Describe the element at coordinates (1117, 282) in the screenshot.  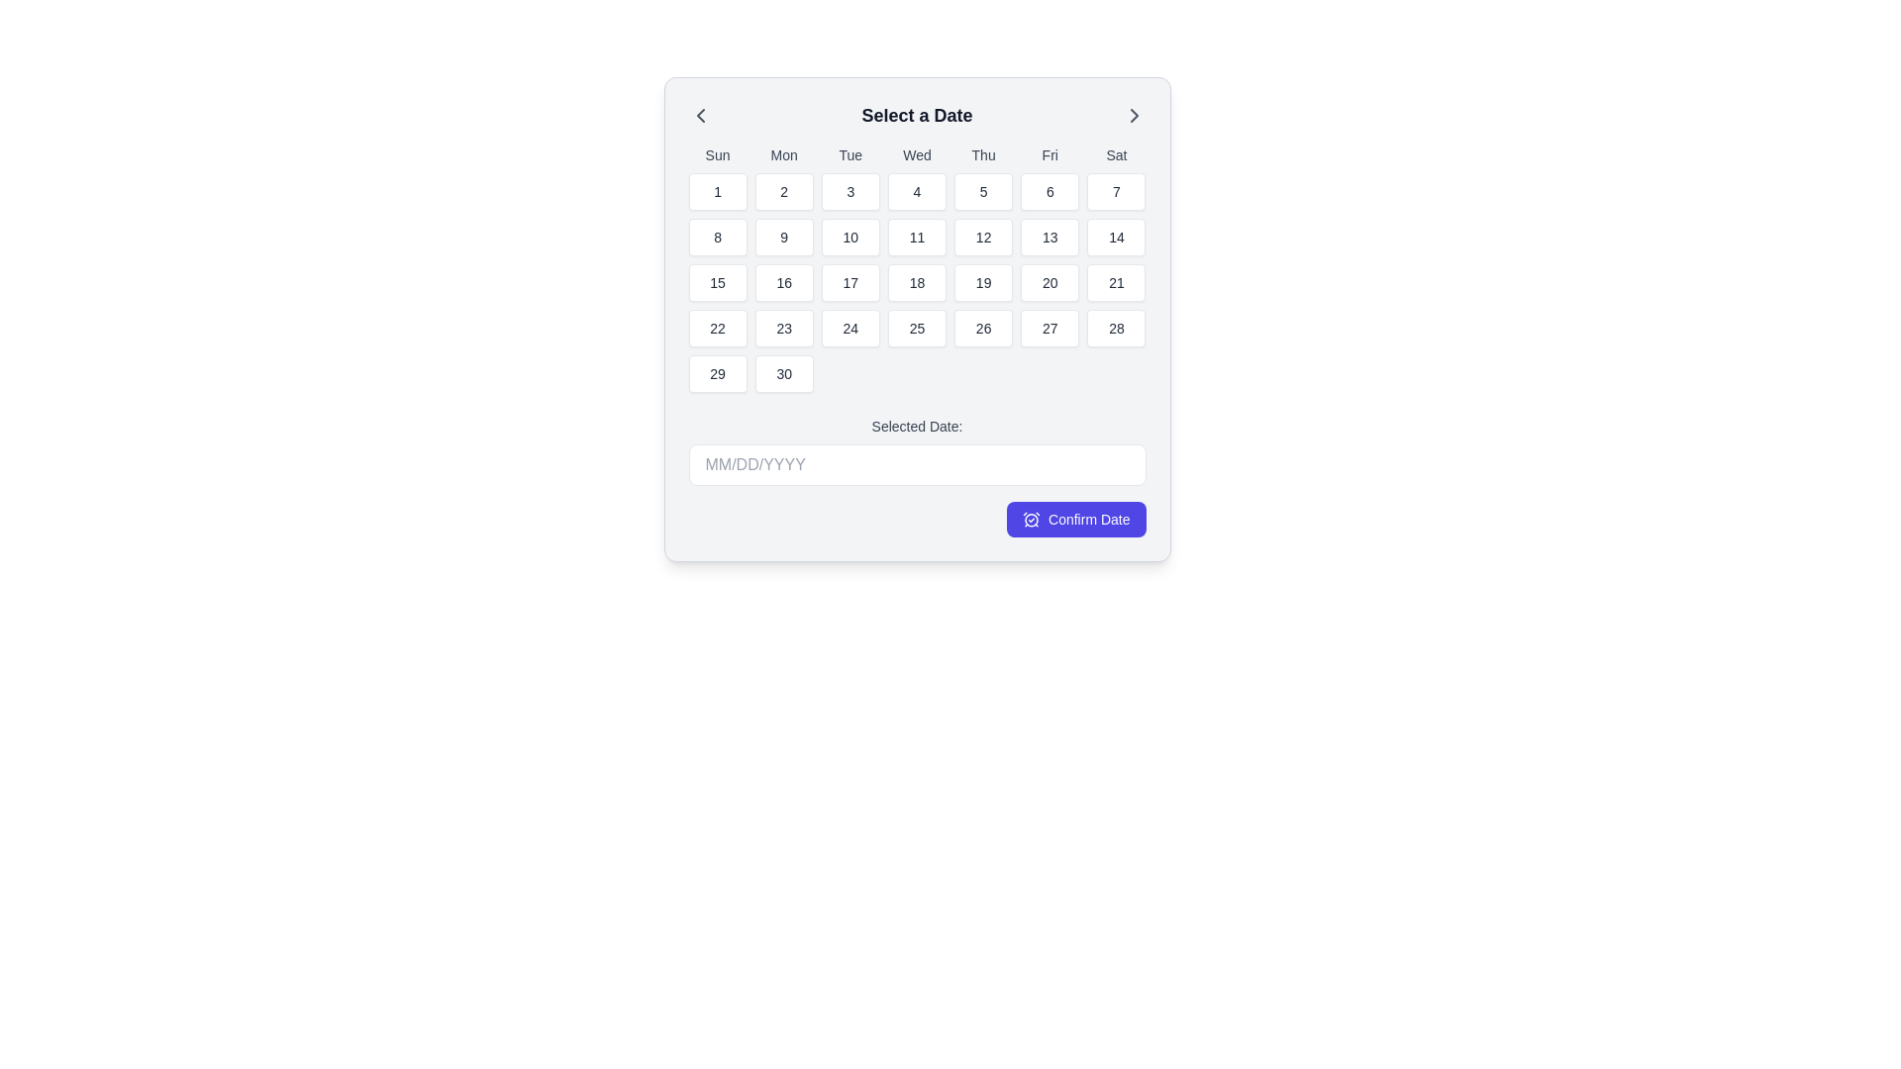
I see `the square button with a white background and the number '21' in bold black text, located under the 'Sat' column in the 7x5 grid layout` at that location.